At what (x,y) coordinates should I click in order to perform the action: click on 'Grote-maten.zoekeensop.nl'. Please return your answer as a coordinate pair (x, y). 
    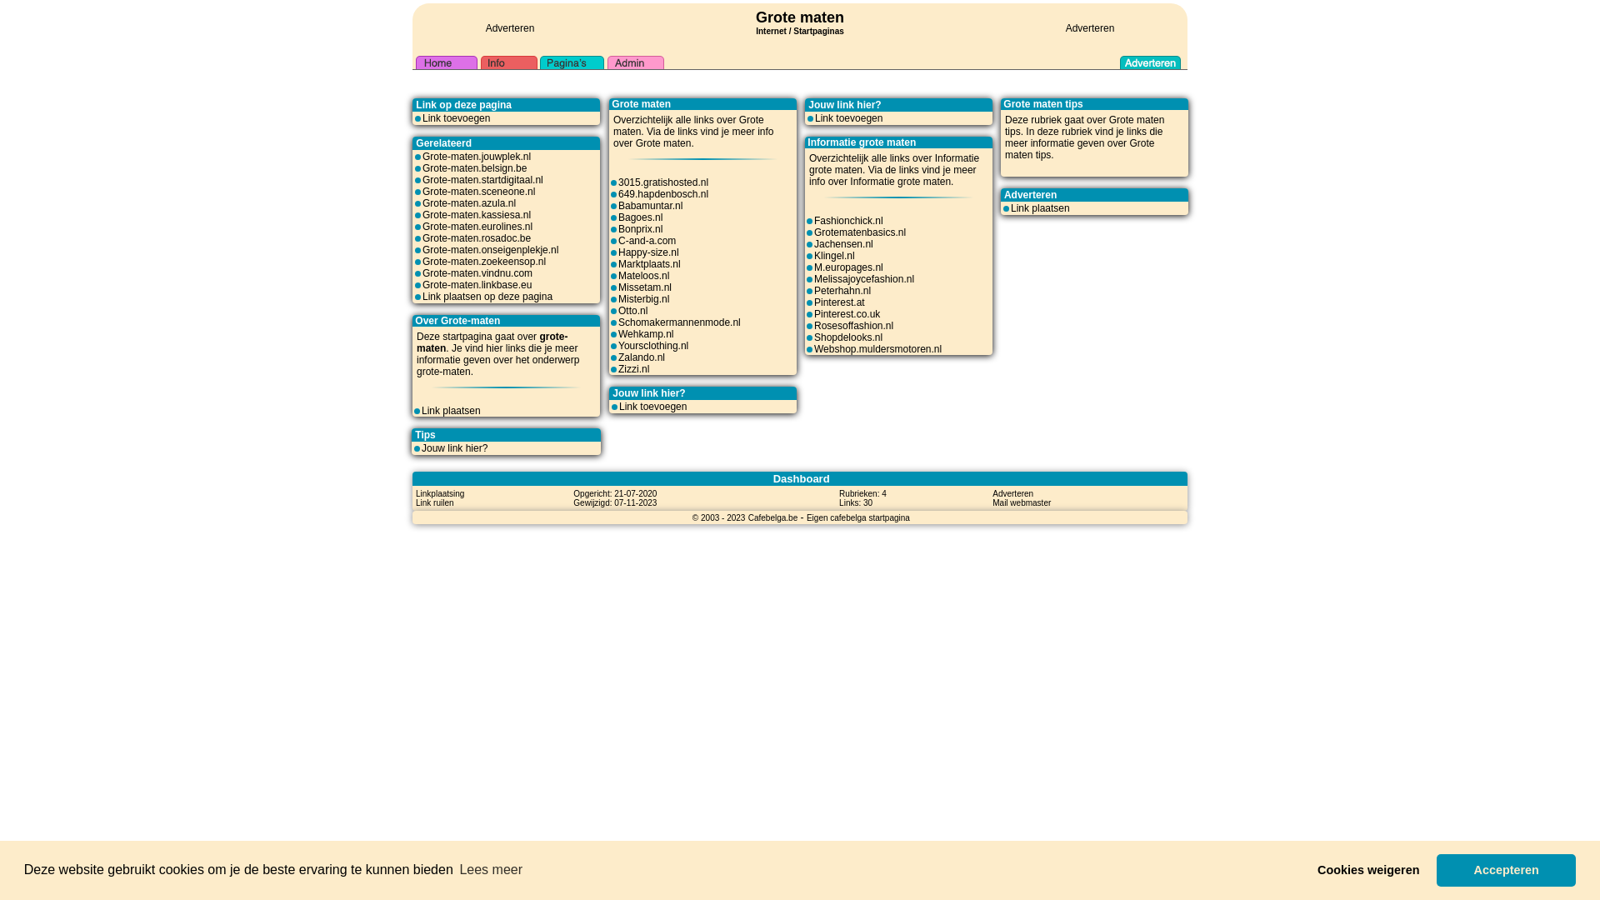
    Looking at the image, I should click on (422, 261).